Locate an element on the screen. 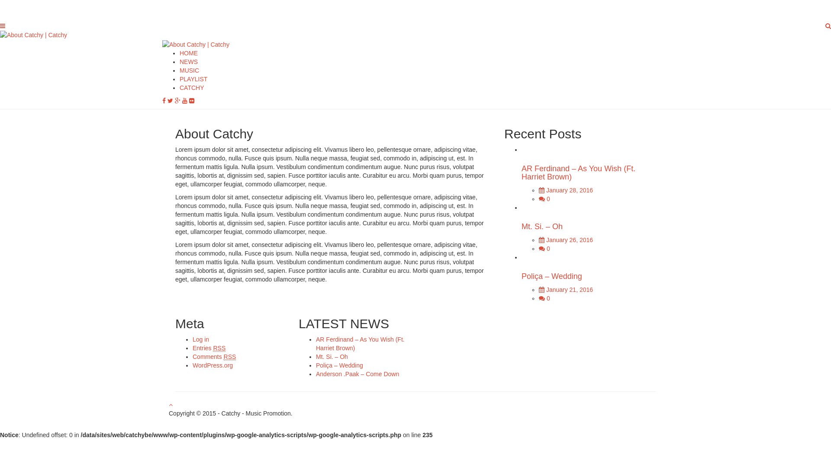 This screenshot has height=467, width=831. 'HOME' is located at coordinates (188, 53).